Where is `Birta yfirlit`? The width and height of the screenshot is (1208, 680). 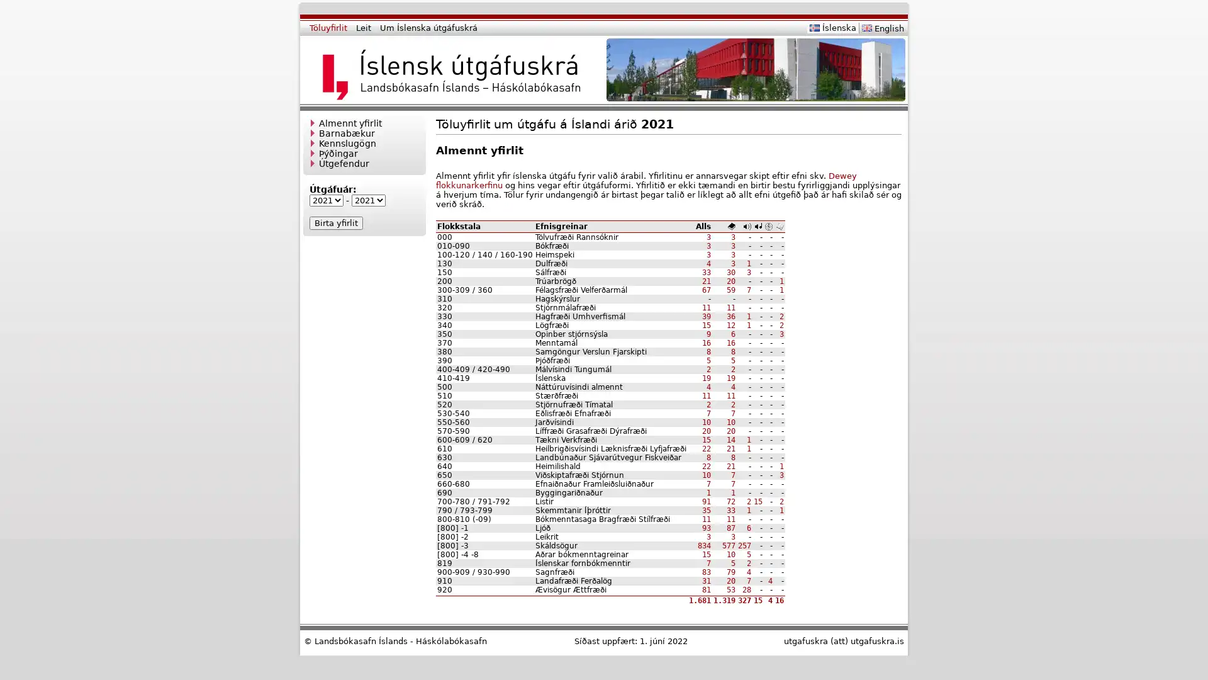
Birta yfirlit is located at coordinates (336, 222).